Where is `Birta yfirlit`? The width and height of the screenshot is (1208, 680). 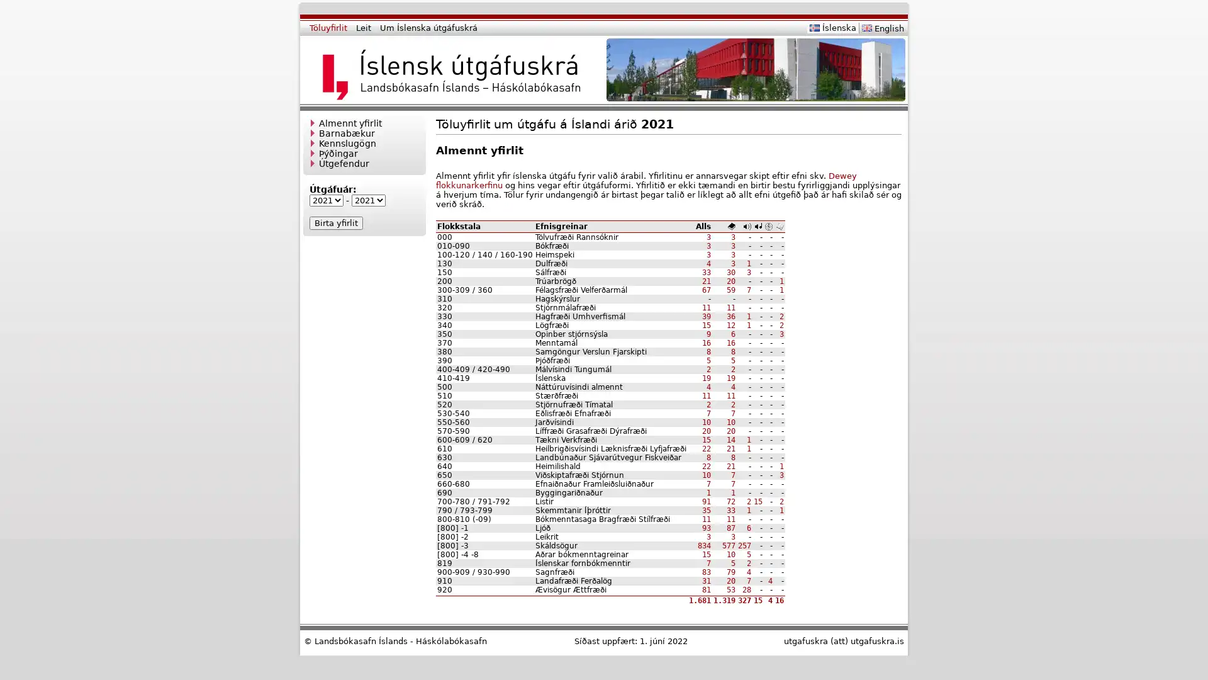
Birta yfirlit is located at coordinates (336, 222).